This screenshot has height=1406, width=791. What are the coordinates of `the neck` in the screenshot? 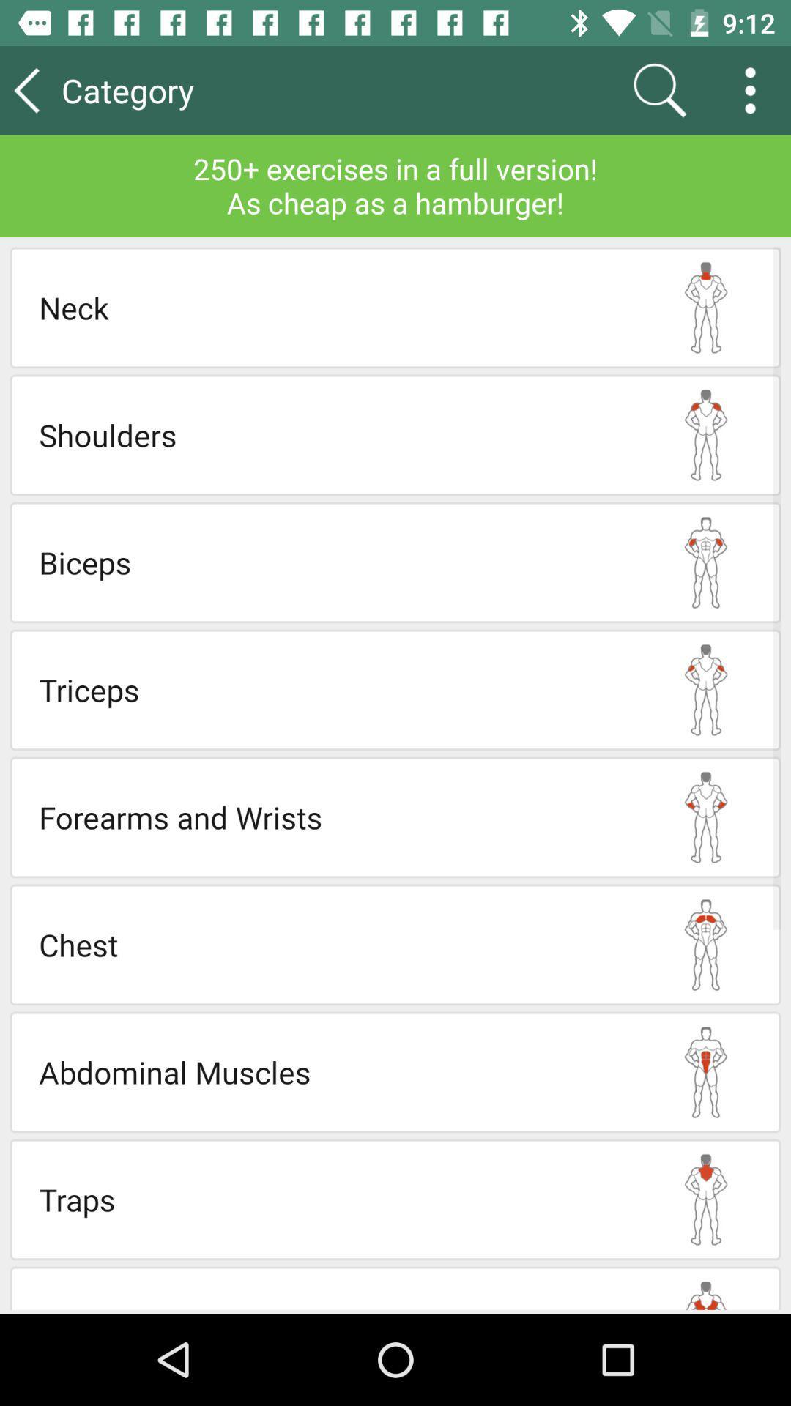 It's located at (335, 307).